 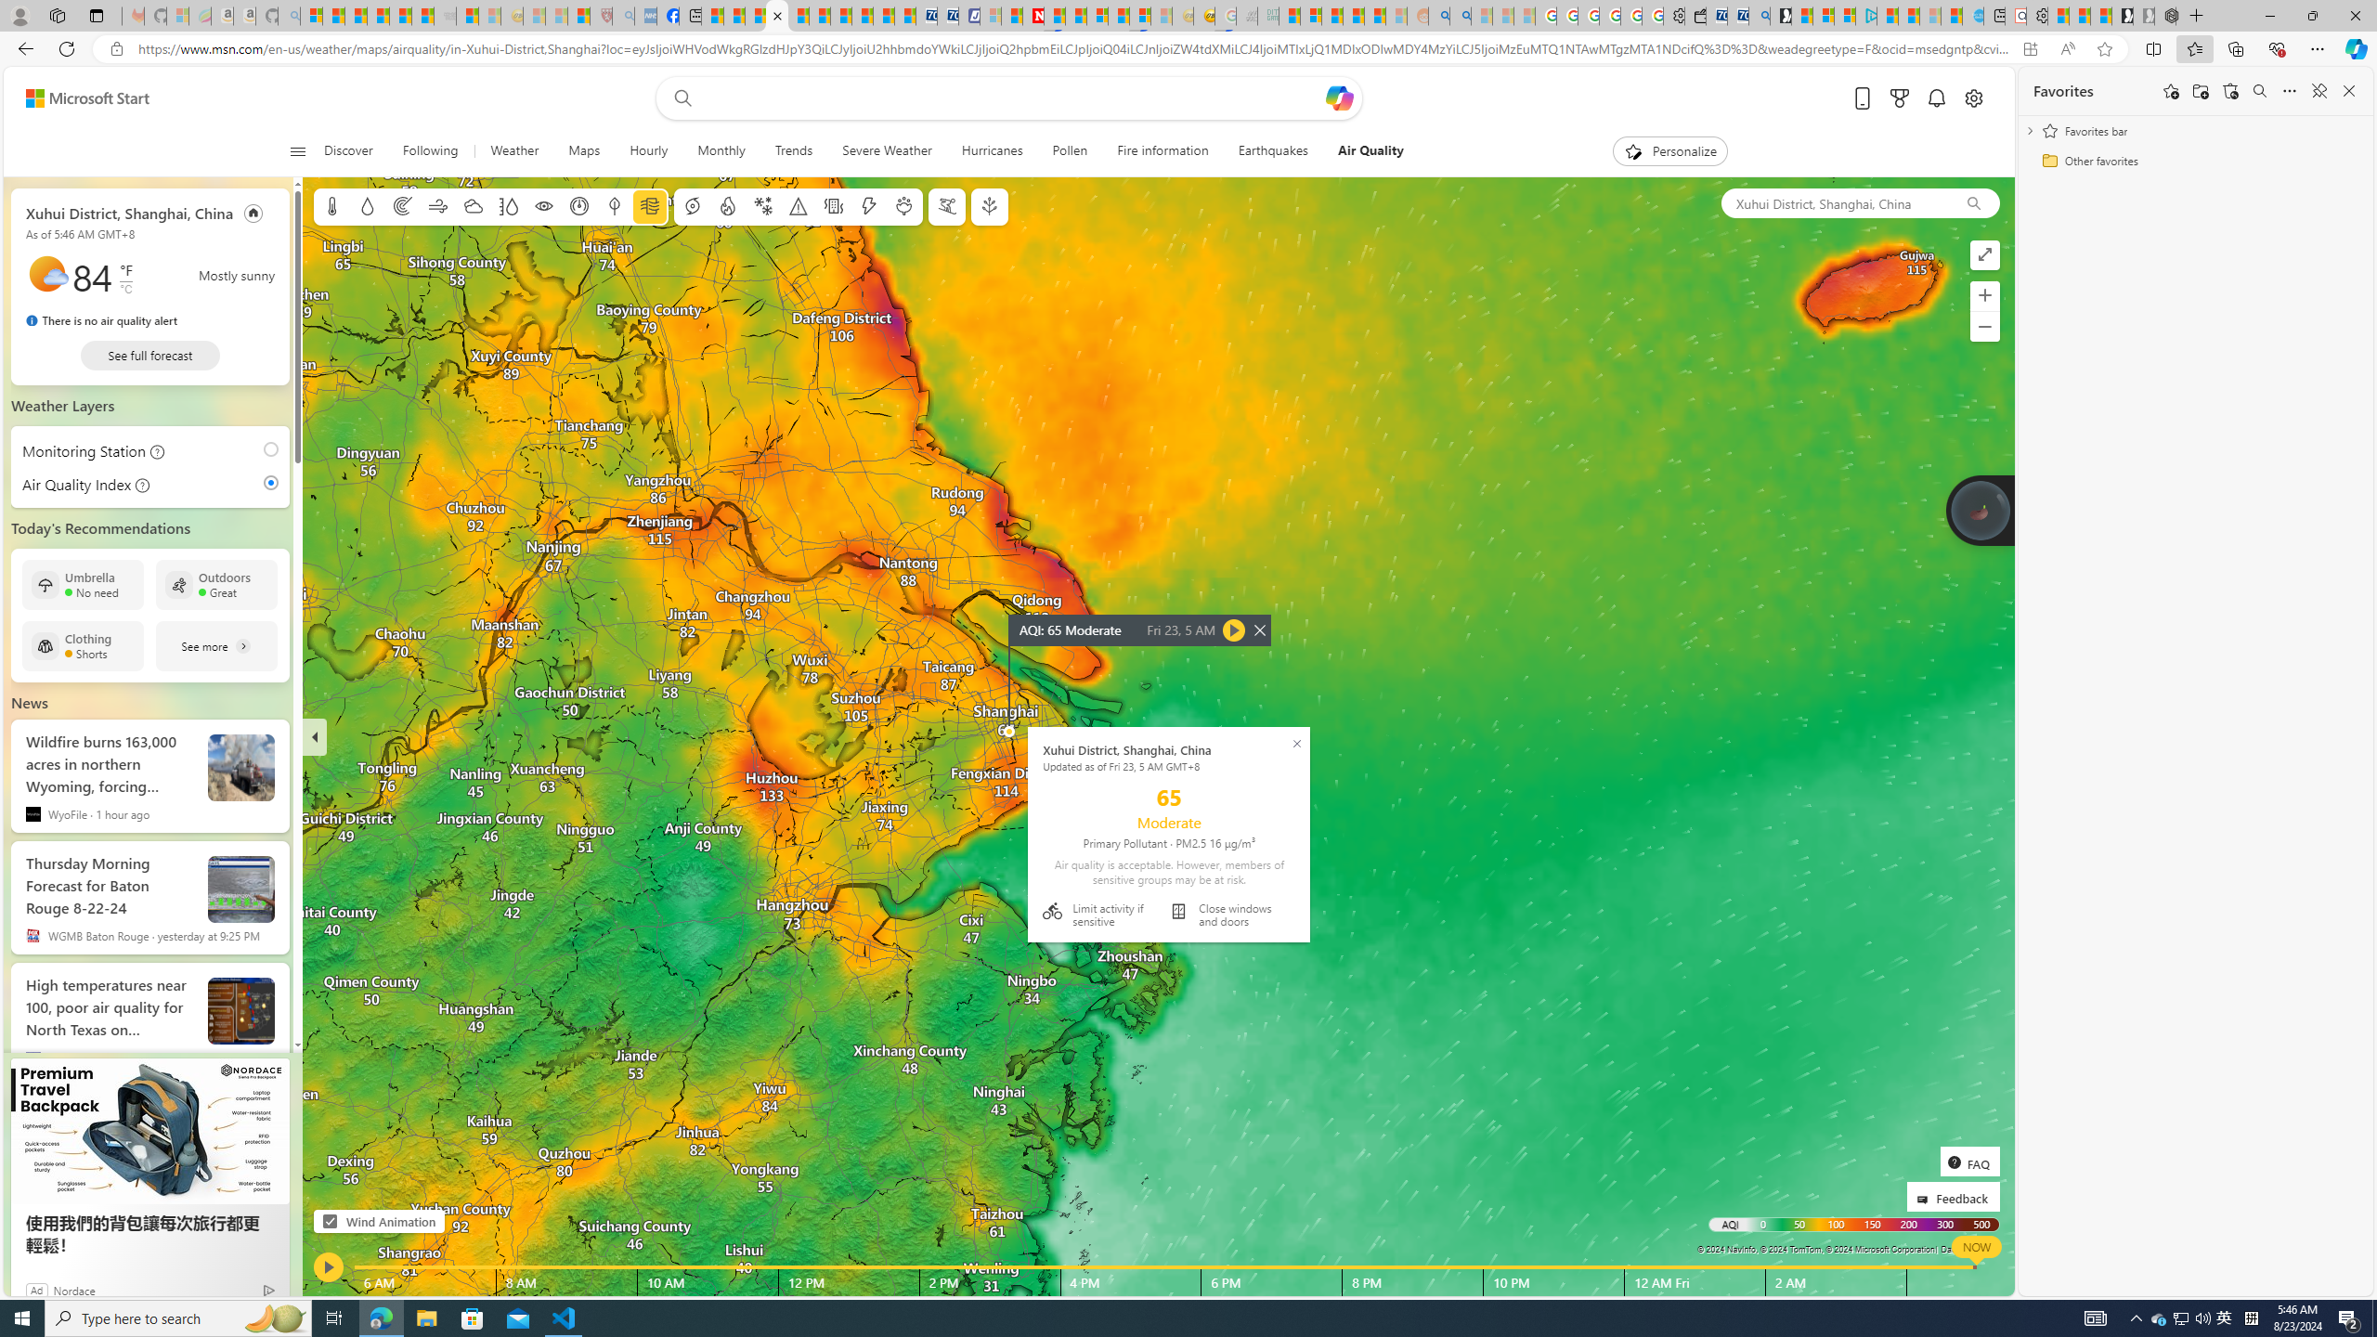 What do you see at coordinates (401, 206) in the screenshot?
I see `'Radar'` at bounding box center [401, 206].